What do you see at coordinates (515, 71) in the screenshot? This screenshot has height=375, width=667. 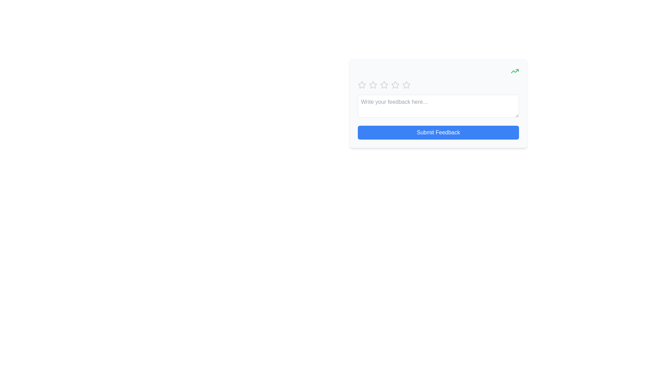 I see `the positive trend indicator icon located in the top-right corner of the feedback form interface` at bounding box center [515, 71].